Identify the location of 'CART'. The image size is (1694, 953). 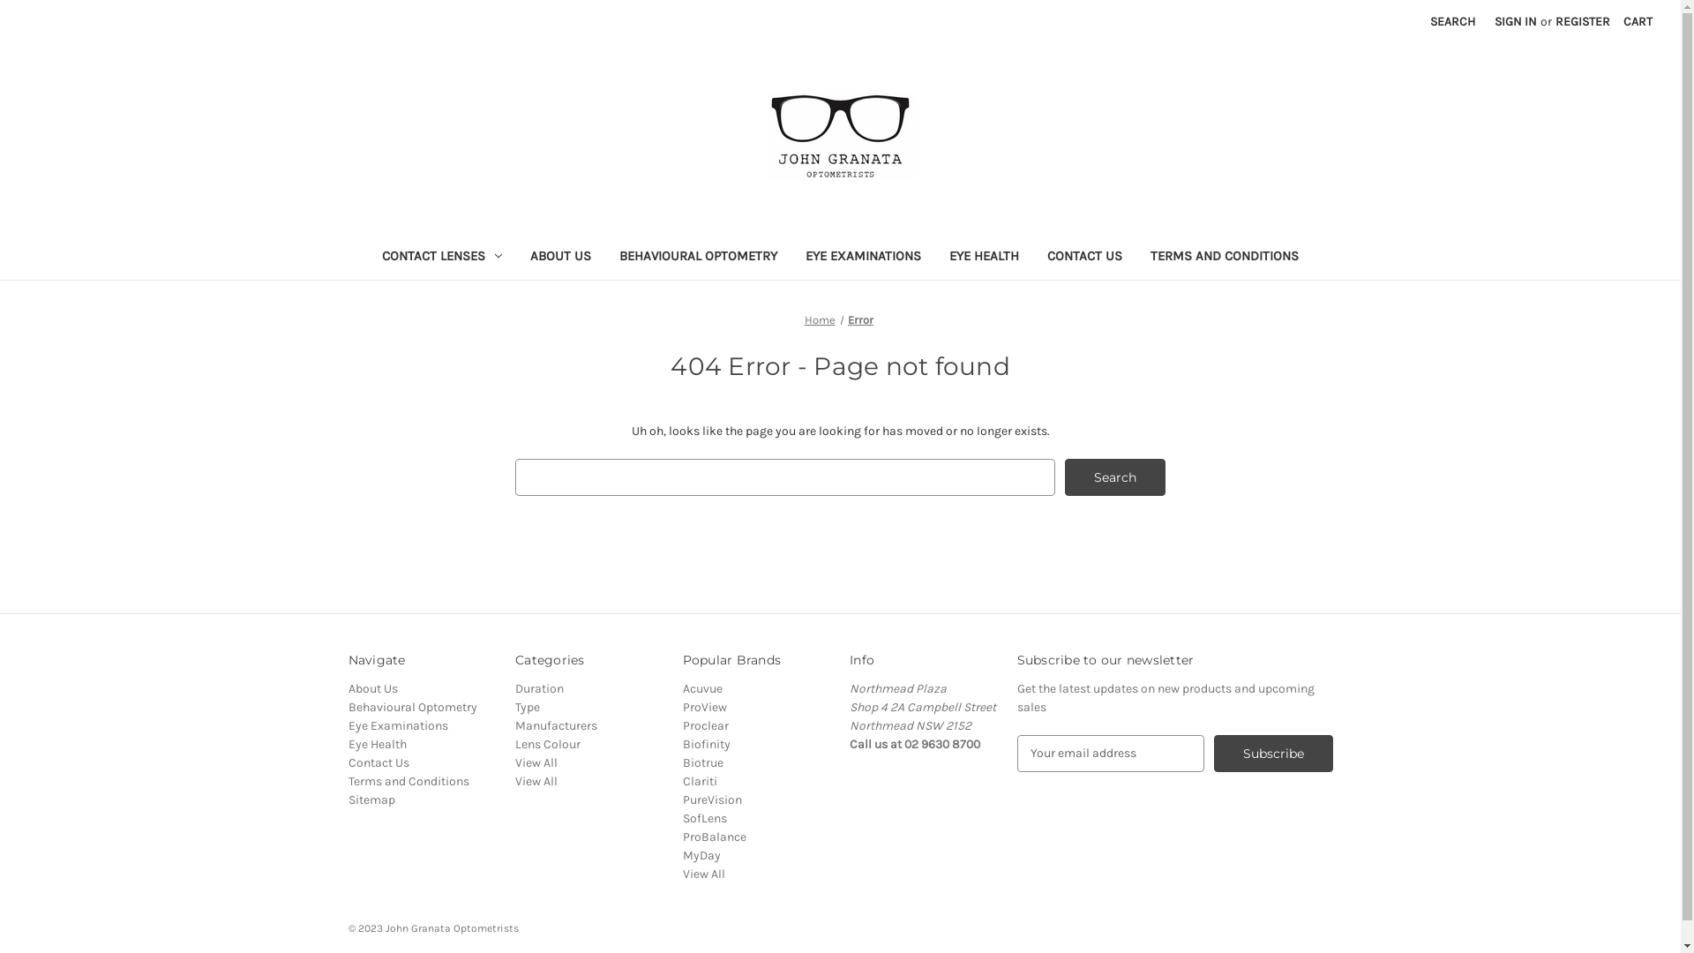
(1637, 21).